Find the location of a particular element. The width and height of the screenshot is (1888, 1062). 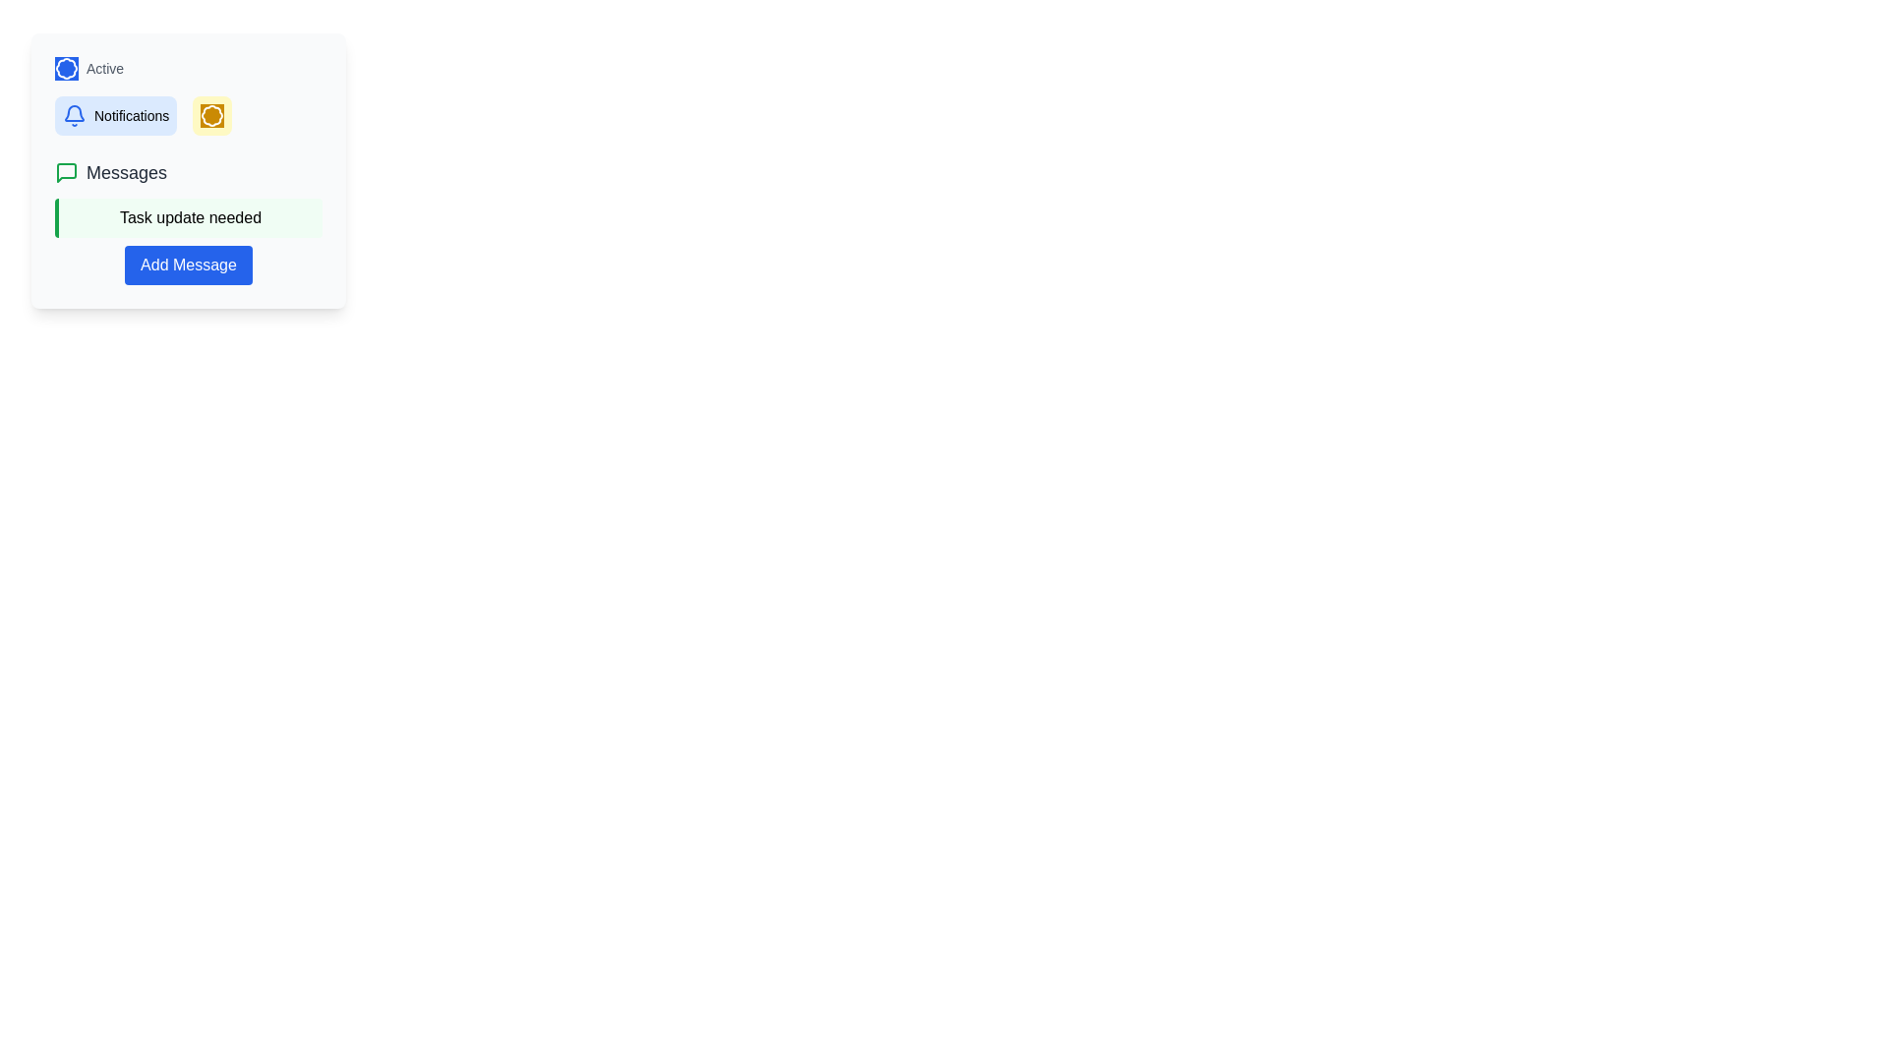

the graphical badge indicating the 'Active' status located at the top left portion of the 'Active' section is located at coordinates (66, 67).